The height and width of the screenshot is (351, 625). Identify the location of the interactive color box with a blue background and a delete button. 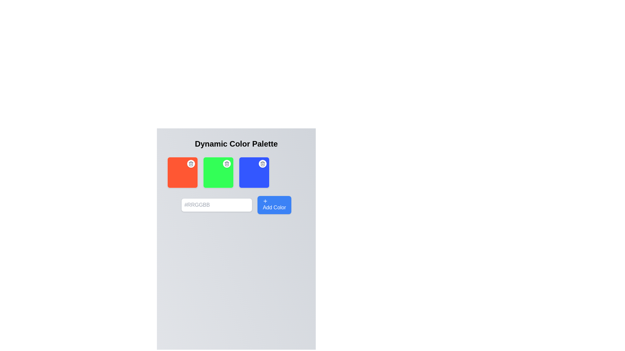
(254, 172).